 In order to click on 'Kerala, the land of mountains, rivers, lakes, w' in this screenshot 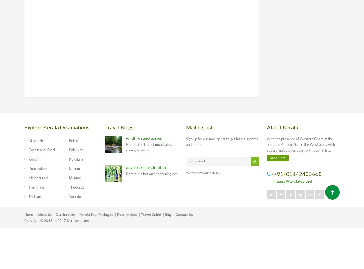, I will do `click(149, 147)`.